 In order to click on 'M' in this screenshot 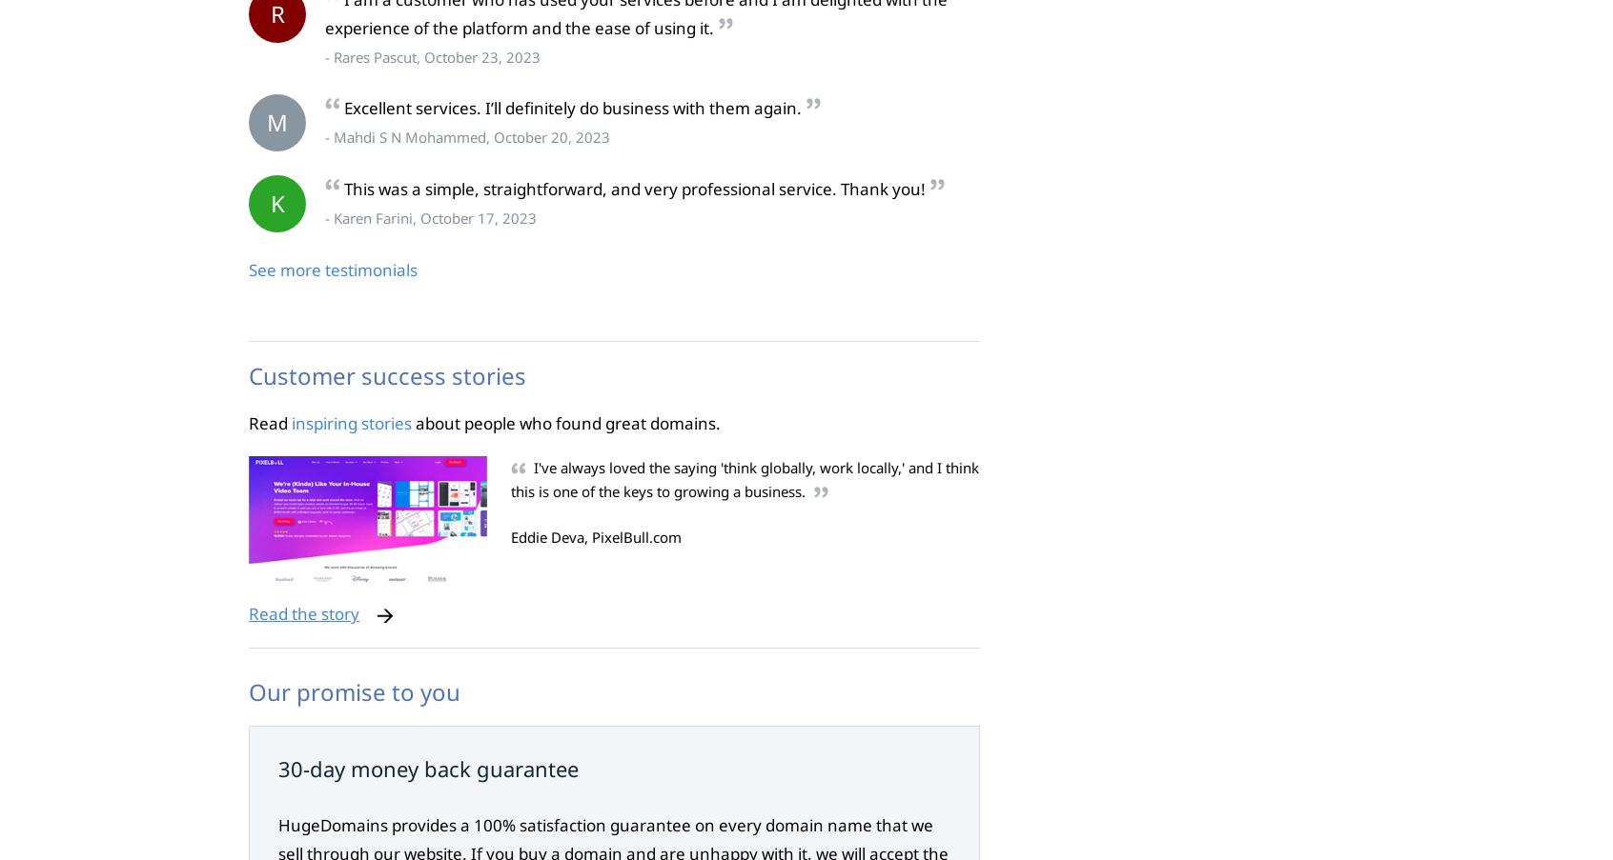, I will do `click(276, 122)`.